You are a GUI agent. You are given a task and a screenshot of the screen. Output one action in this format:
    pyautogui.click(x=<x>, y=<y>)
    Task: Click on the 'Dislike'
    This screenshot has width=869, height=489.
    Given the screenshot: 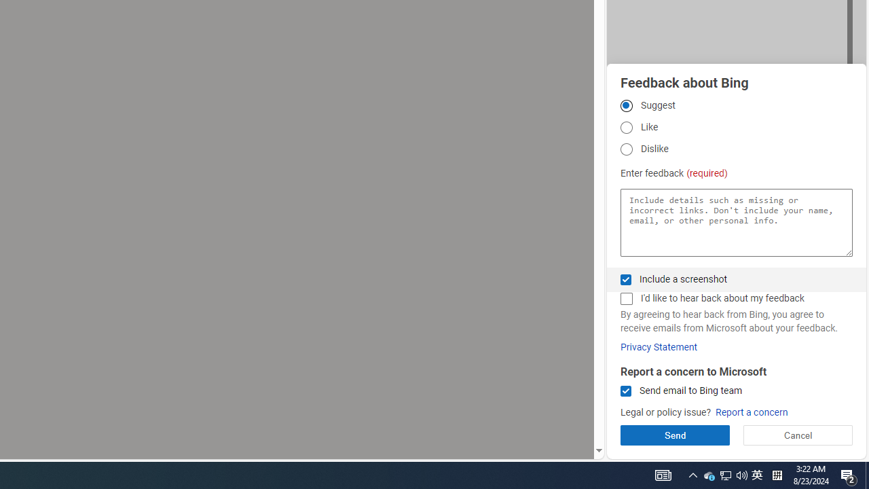 What is the action you would take?
    pyautogui.click(x=625, y=149)
    